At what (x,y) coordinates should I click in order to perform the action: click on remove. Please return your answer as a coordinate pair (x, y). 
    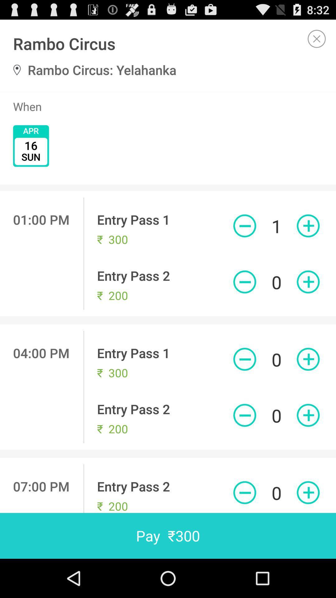
    Looking at the image, I should click on (244, 225).